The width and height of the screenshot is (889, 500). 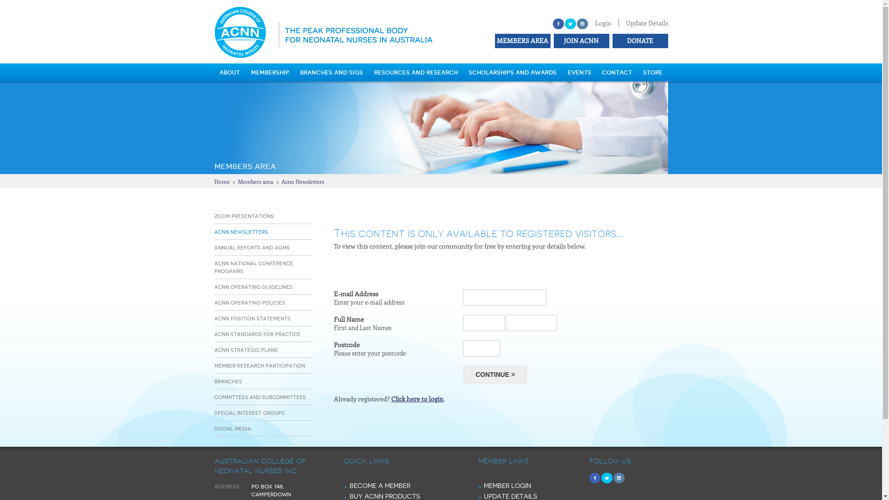 What do you see at coordinates (602, 22) in the screenshot?
I see `'Login'` at bounding box center [602, 22].